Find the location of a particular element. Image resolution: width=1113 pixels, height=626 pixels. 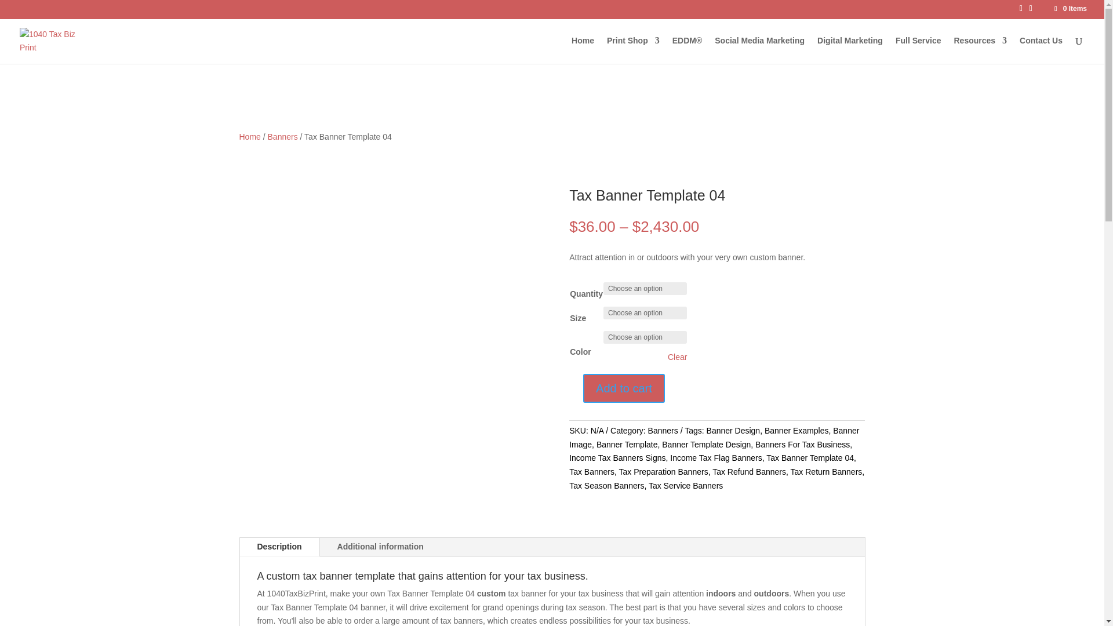

'Tax Return Banners' is located at coordinates (825, 471).